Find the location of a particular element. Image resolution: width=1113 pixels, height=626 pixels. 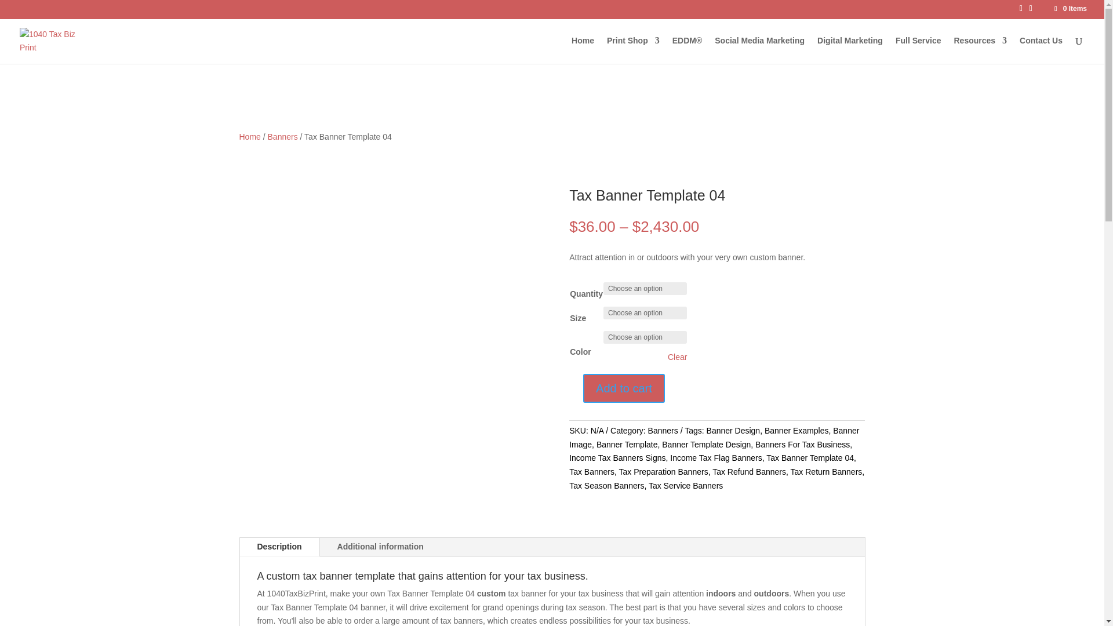

'Tax Return Banners' is located at coordinates (825, 471).